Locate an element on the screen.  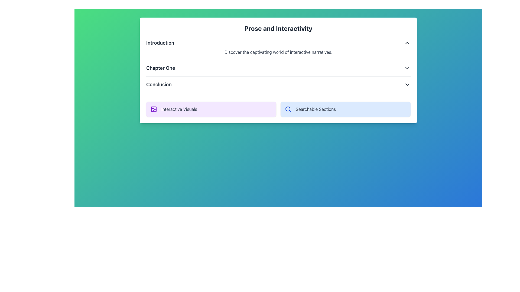
the chevron icon button located to the right of the 'Chapter One' text in the header, which serves as a trigger for expanding or collapsing the section, to receive visual feedback is located at coordinates (407, 68).